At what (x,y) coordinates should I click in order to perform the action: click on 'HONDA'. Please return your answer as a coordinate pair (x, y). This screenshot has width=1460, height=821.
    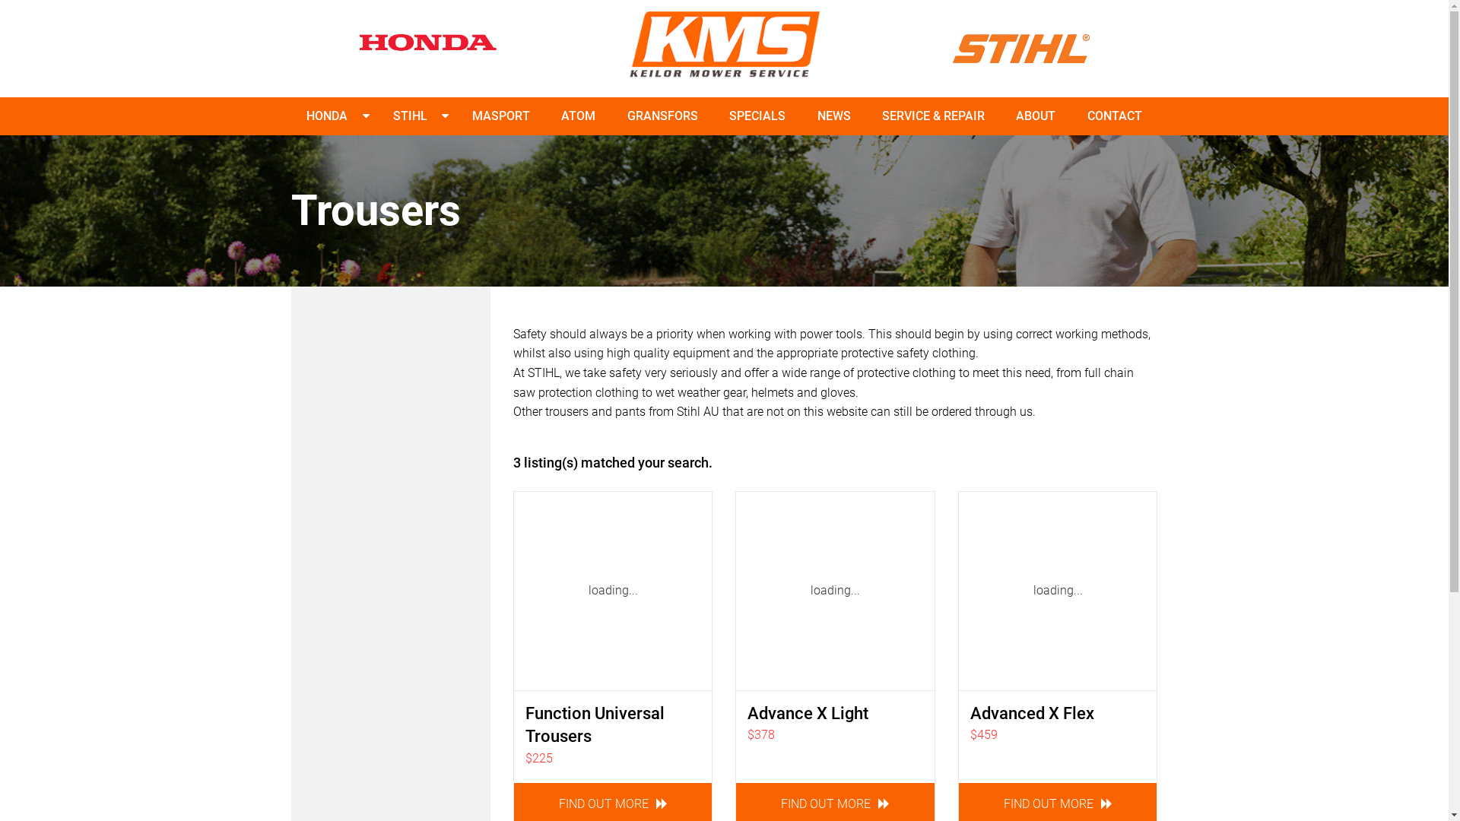
    Looking at the image, I should click on (325, 116).